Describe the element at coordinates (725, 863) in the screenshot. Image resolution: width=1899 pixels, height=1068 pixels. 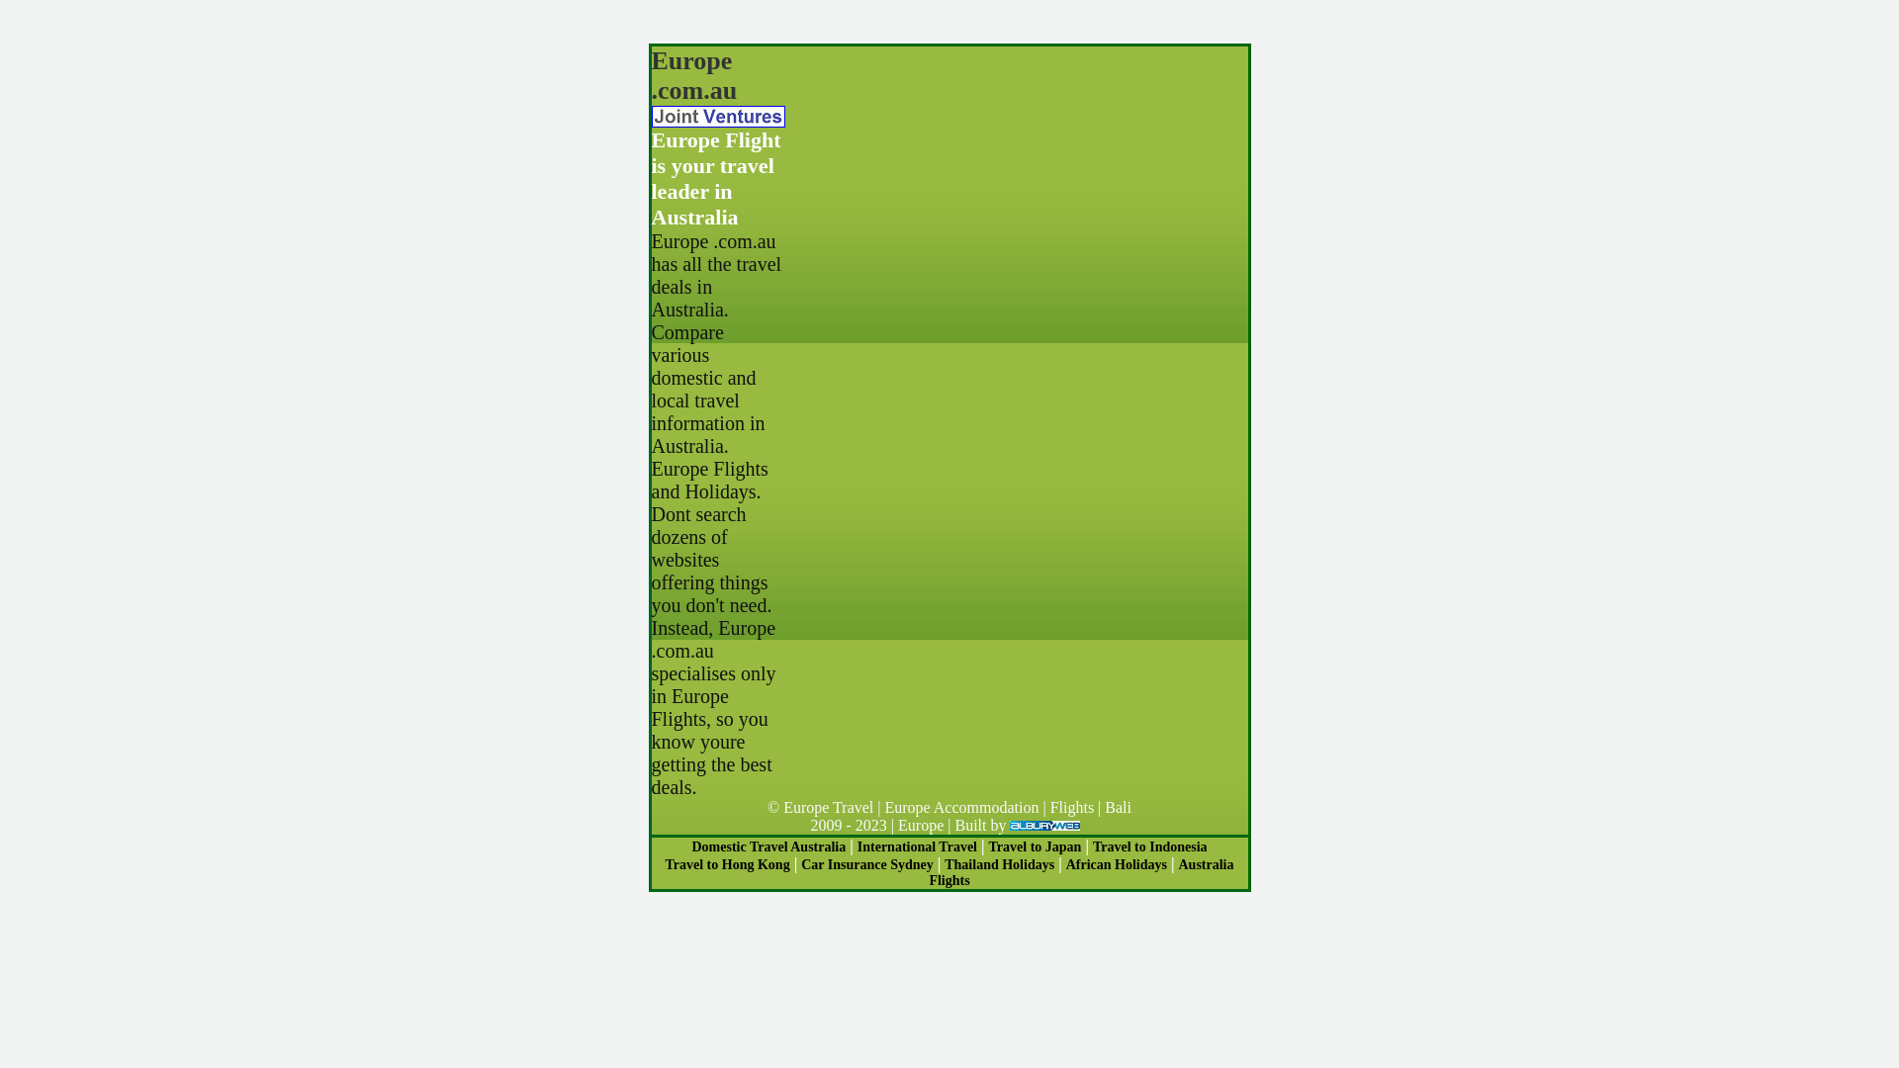
I see `'Travel to Hong Kong'` at that location.